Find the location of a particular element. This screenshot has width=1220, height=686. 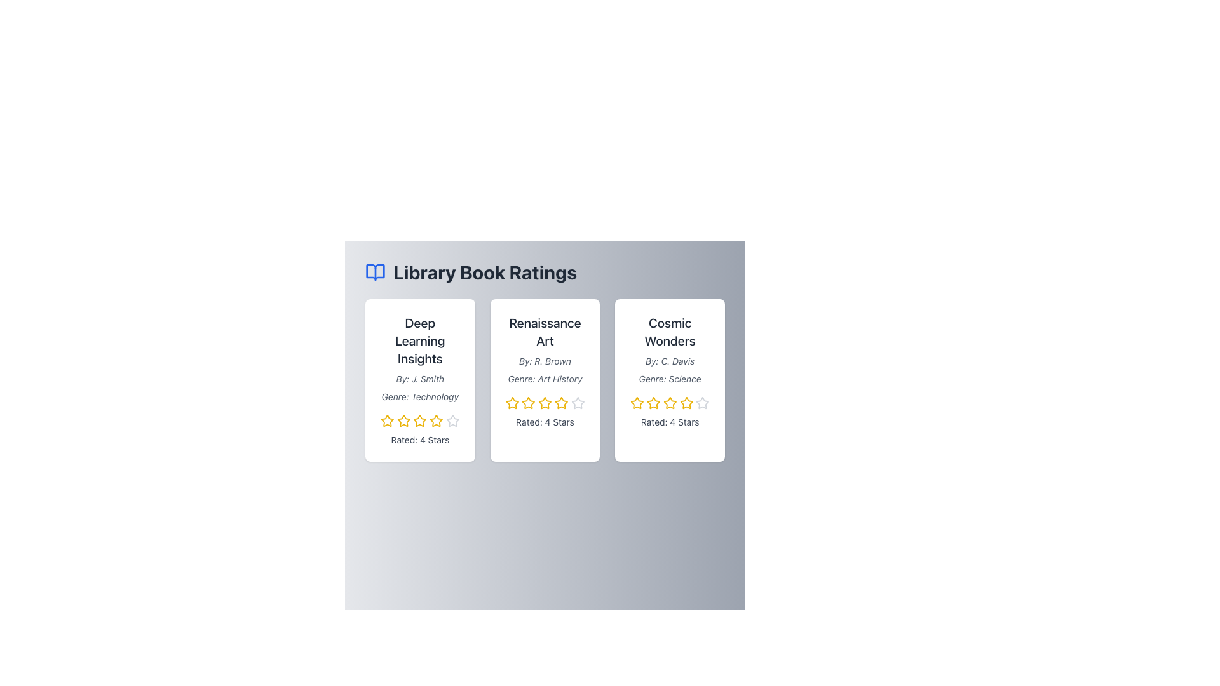

the fourth star in the 5-star rating system for the book 'Deep Learning Insights' to interact and set or update the rating is located at coordinates (436, 420).